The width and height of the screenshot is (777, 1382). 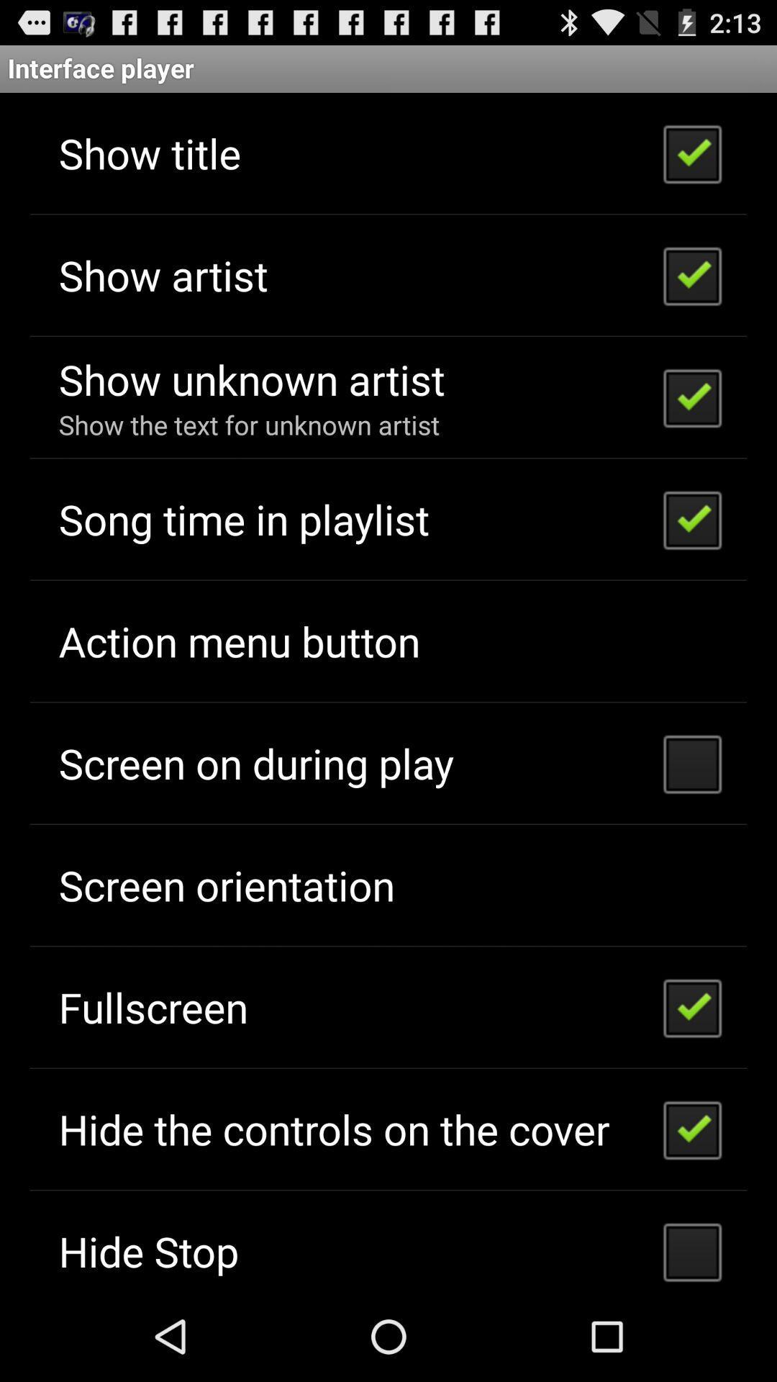 What do you see at coordinates (248, 424) in the screenshot?
I see `show the text app` at bounding box center [248, 424].